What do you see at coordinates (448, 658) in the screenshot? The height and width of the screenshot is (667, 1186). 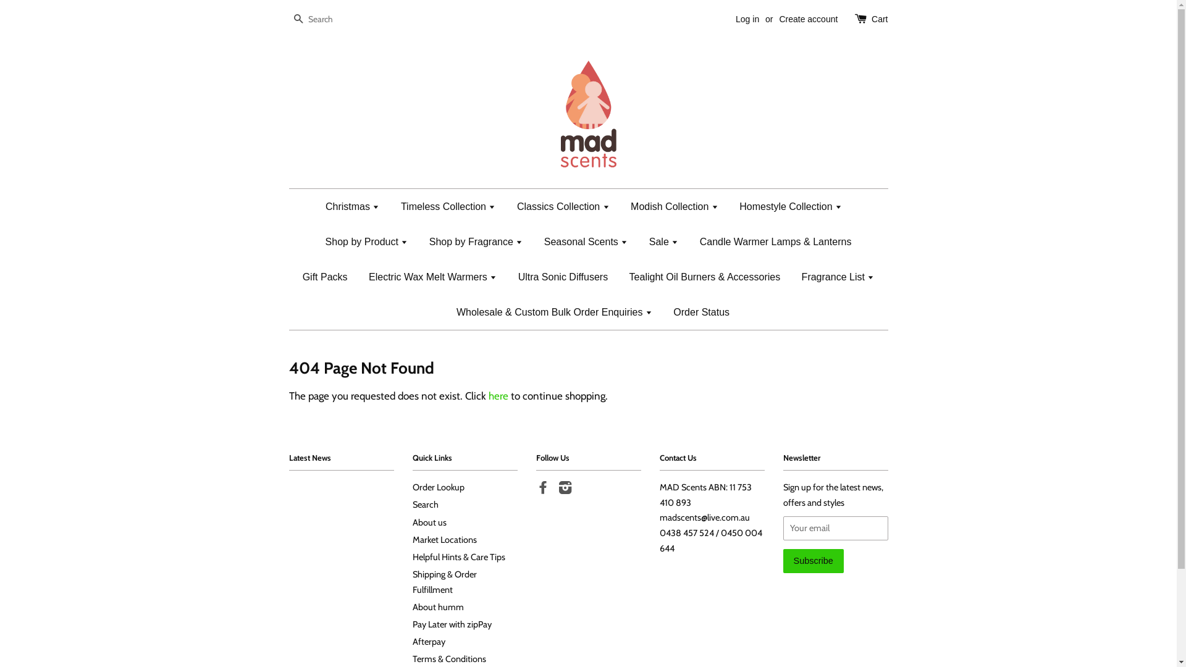 I see `'Terms & Conditions'` at bounding box center [448, 658].